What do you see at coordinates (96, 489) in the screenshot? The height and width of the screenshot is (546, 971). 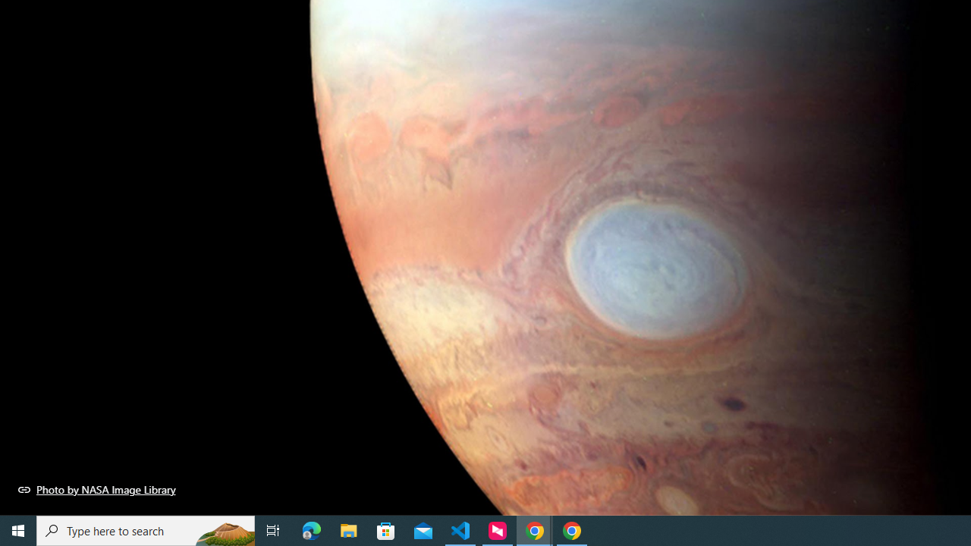 I see `'Photo by NASA Image Library'` at bounding box center [96, 489].